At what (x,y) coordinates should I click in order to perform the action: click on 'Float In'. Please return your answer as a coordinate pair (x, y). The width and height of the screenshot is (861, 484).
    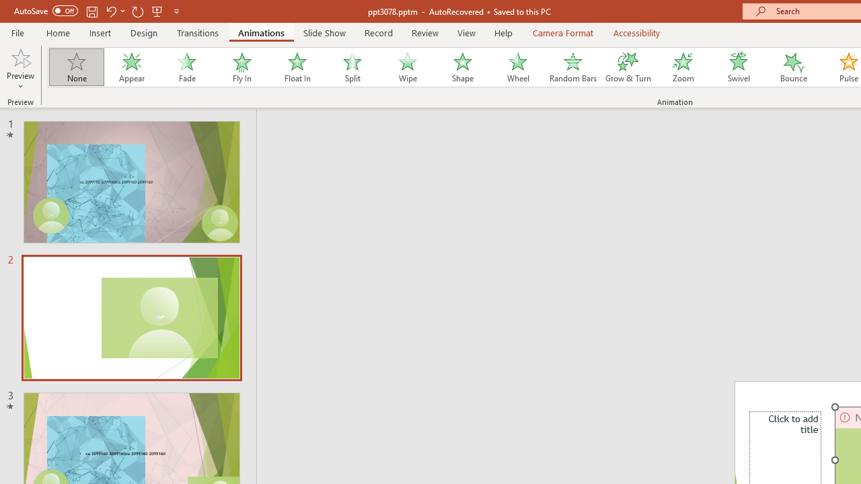
    Looking at the image, I should click on (296, 67).